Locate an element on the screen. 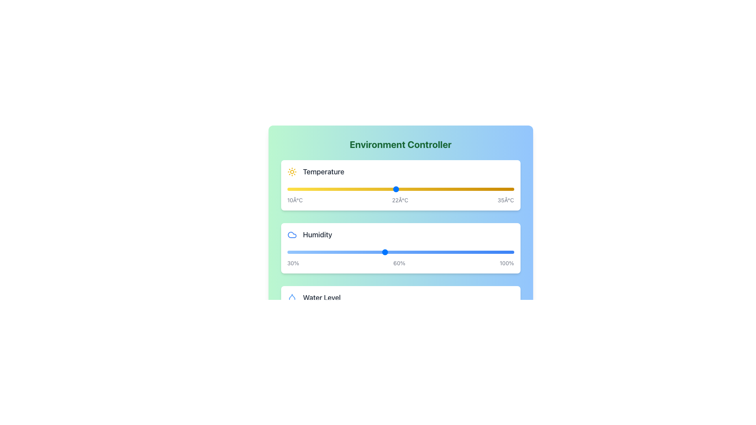  humidity is located at coordinates (387, 252).